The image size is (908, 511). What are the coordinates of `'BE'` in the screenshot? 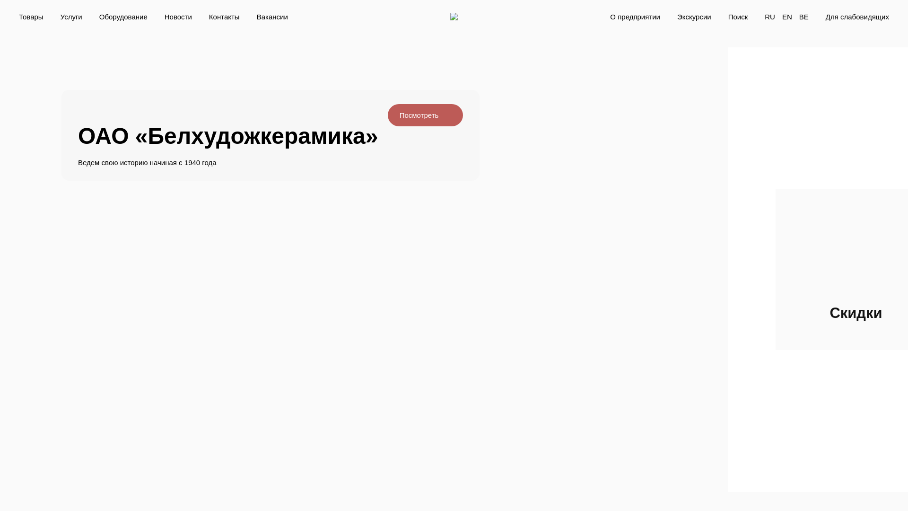 It's located at (803, 16).